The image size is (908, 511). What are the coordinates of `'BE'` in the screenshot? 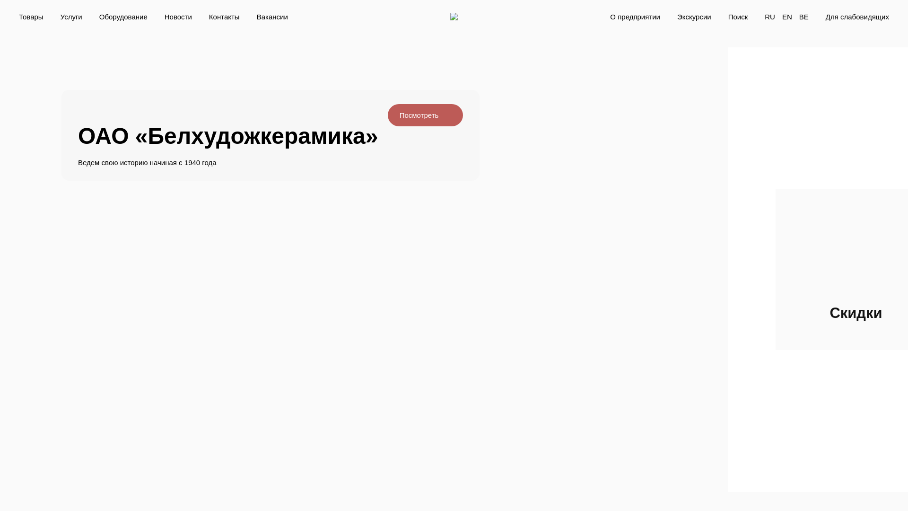 It's located at (803, 16).